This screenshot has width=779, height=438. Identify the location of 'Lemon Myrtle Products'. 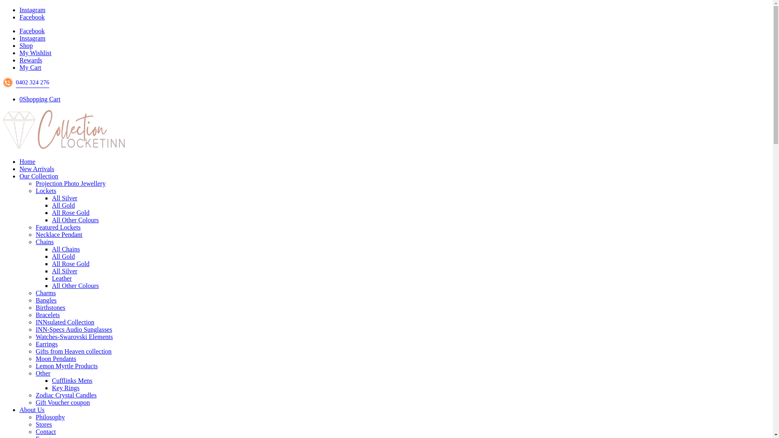
(67, 366).